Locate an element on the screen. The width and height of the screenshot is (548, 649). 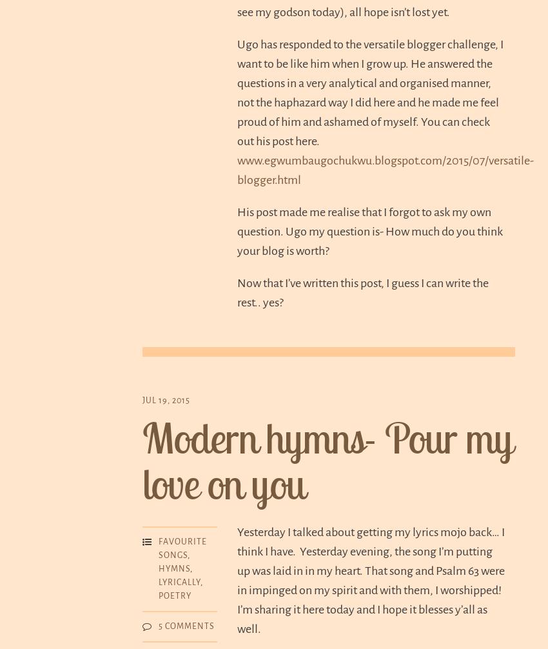
'www.egwumbaugochukwu.blogspot.com/2015/07/versatile-blogger.html' is located at coordinates (384, 168).